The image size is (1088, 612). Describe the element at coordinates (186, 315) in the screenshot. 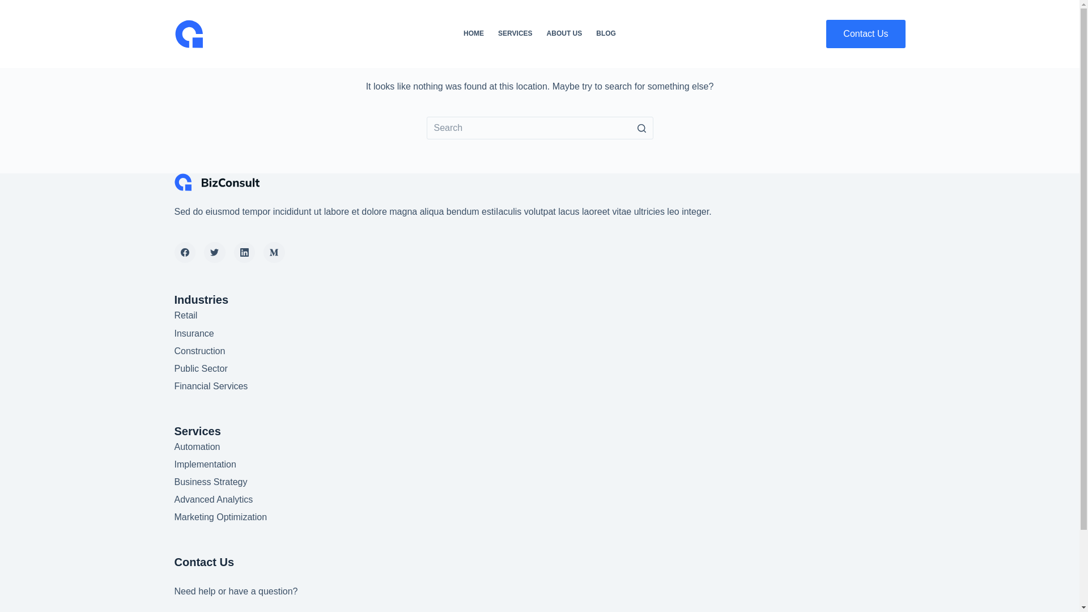

I see `'Retail'` at that location.